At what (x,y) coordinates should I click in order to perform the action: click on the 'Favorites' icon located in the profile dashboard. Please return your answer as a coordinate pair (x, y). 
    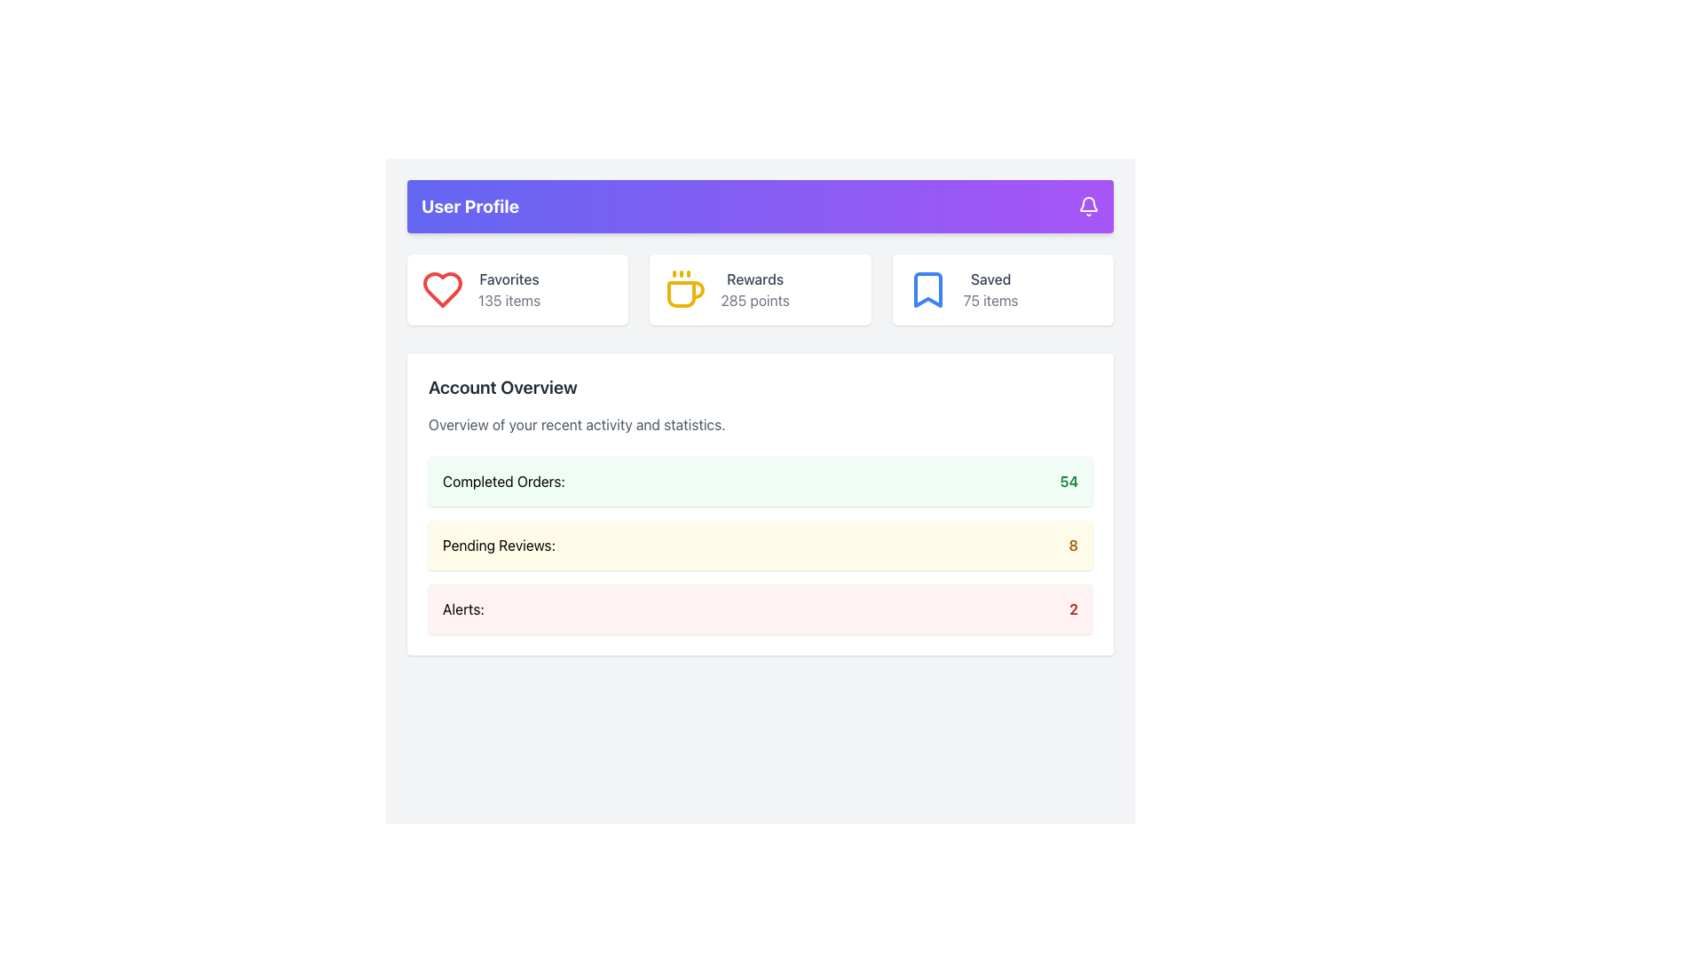
    Looking at the image, I should click on (443, 289).